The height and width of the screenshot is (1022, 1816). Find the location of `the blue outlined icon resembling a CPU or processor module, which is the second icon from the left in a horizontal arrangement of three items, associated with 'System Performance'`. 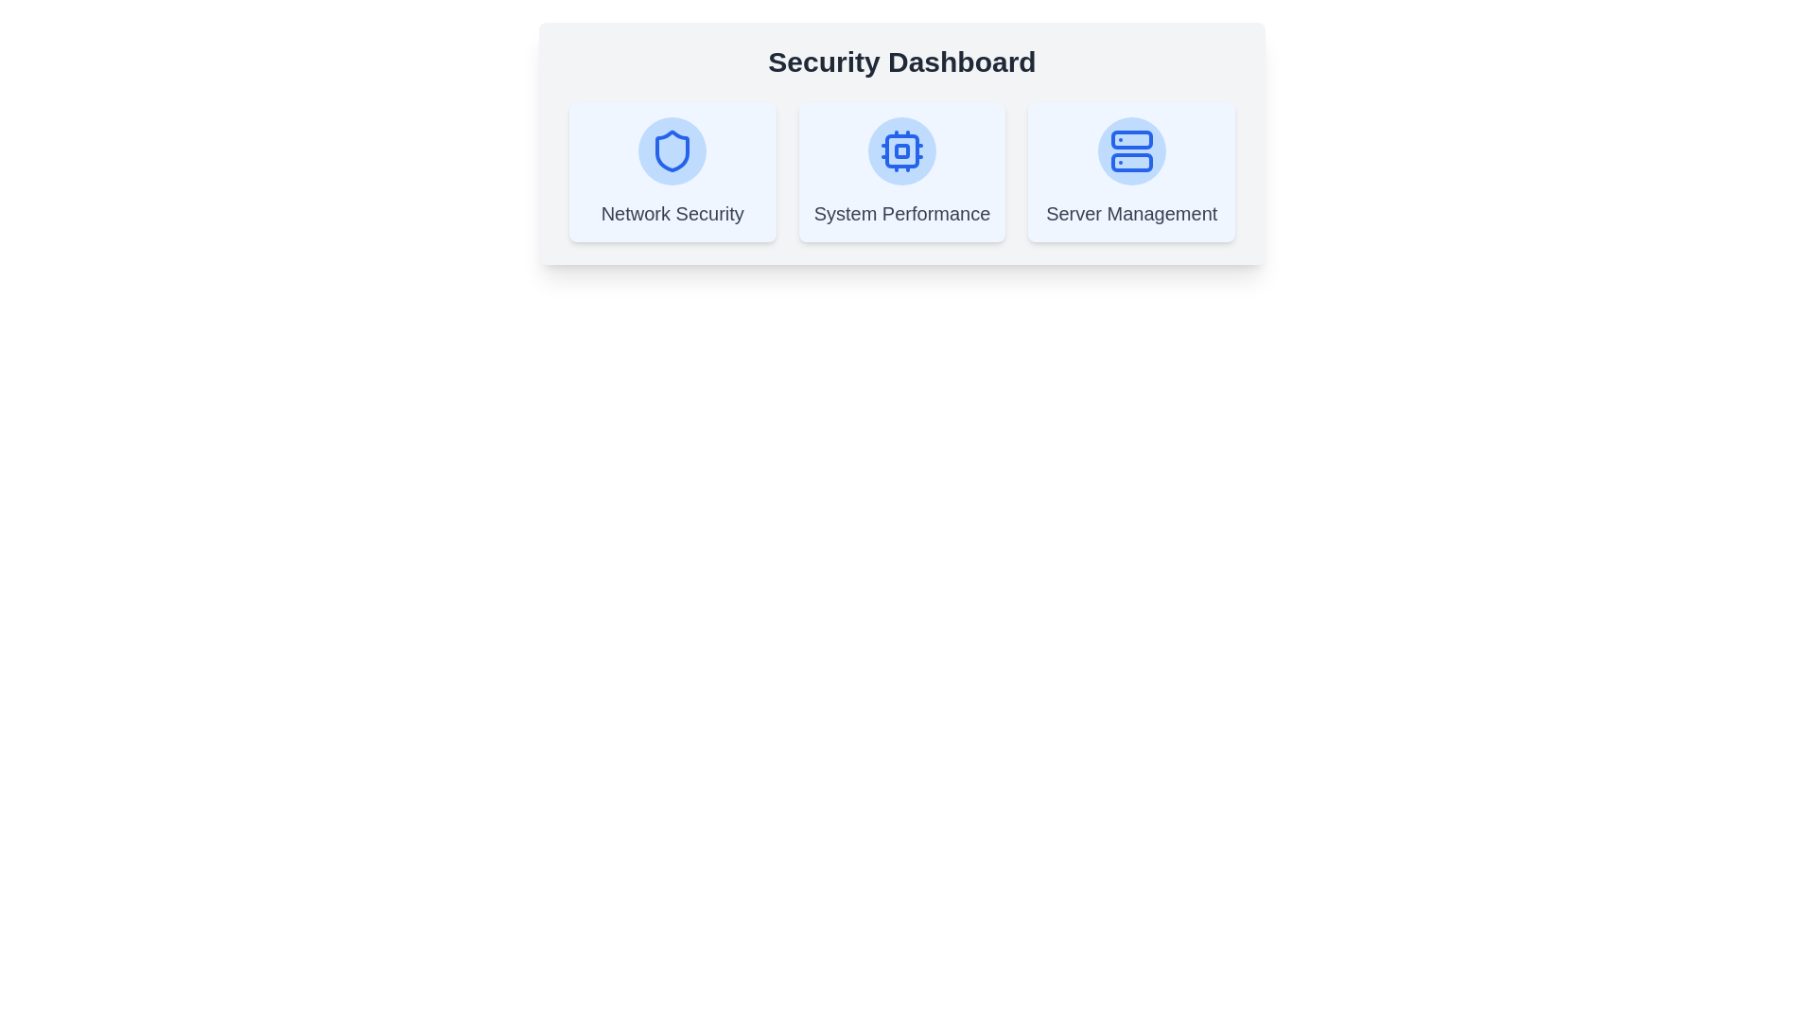

the blue outlined icon resembling a CPU or processor module, which is the second icon from the left in a horizontal arrangement of three items, associated with 'System Performance' is located at coordinates (901, 150).